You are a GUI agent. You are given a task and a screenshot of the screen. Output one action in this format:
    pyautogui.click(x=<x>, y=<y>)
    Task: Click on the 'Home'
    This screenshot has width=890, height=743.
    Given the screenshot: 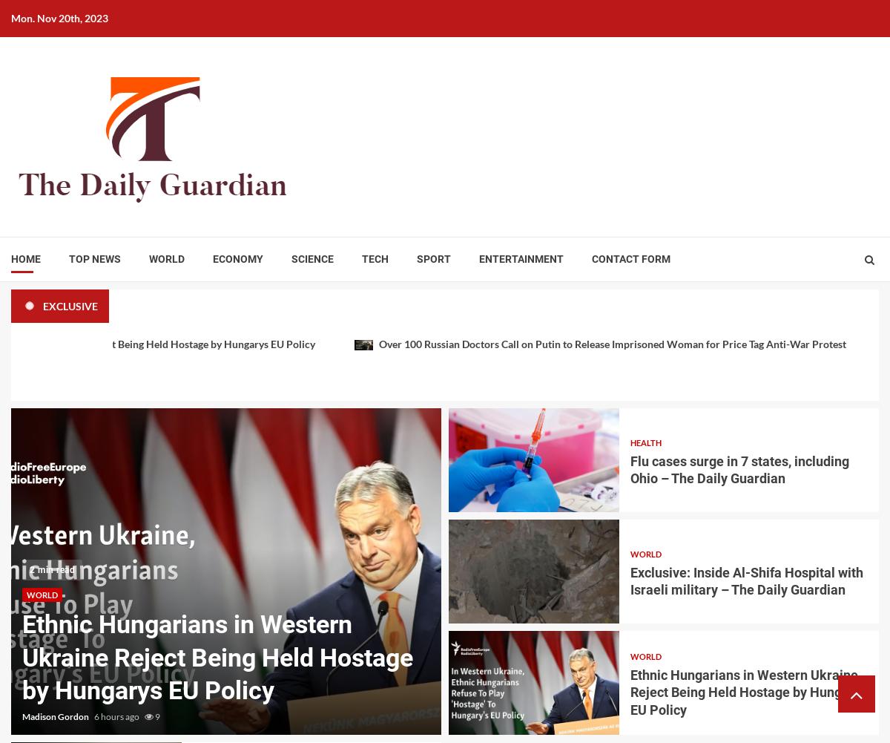 What is the action you would take?
    pyautogui.click(x=26, y=259)
    